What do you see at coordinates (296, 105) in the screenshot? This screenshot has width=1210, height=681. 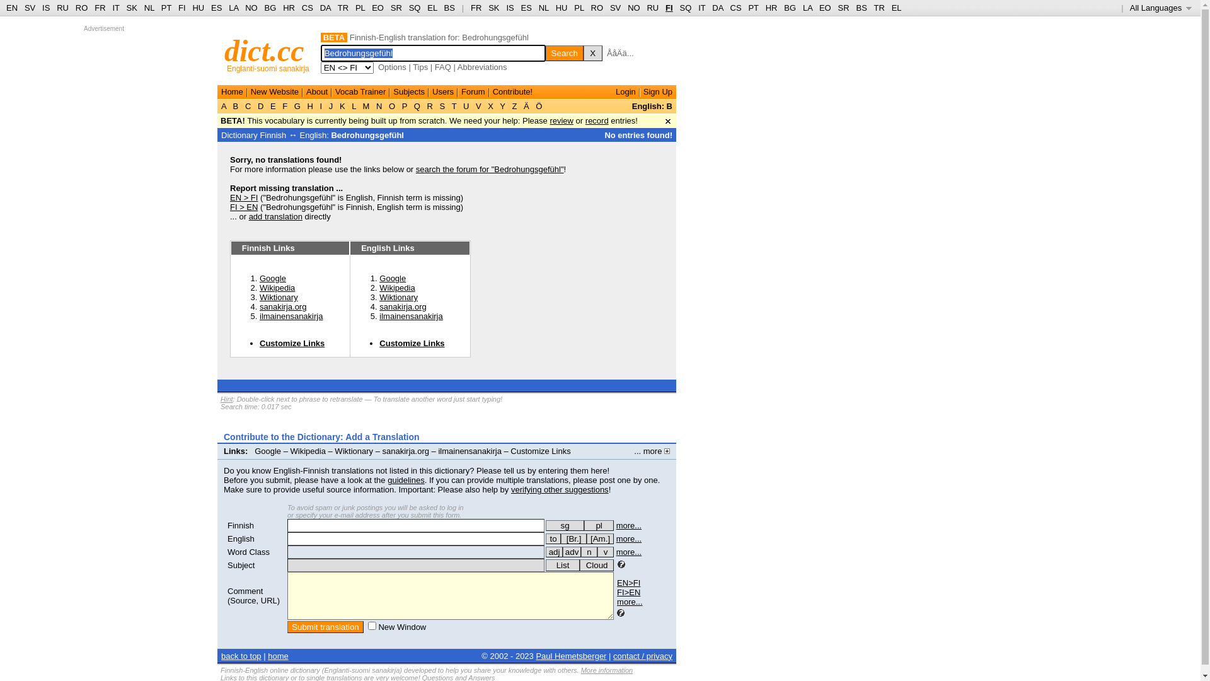 I see `'G'` at bounding box center [296, 105].